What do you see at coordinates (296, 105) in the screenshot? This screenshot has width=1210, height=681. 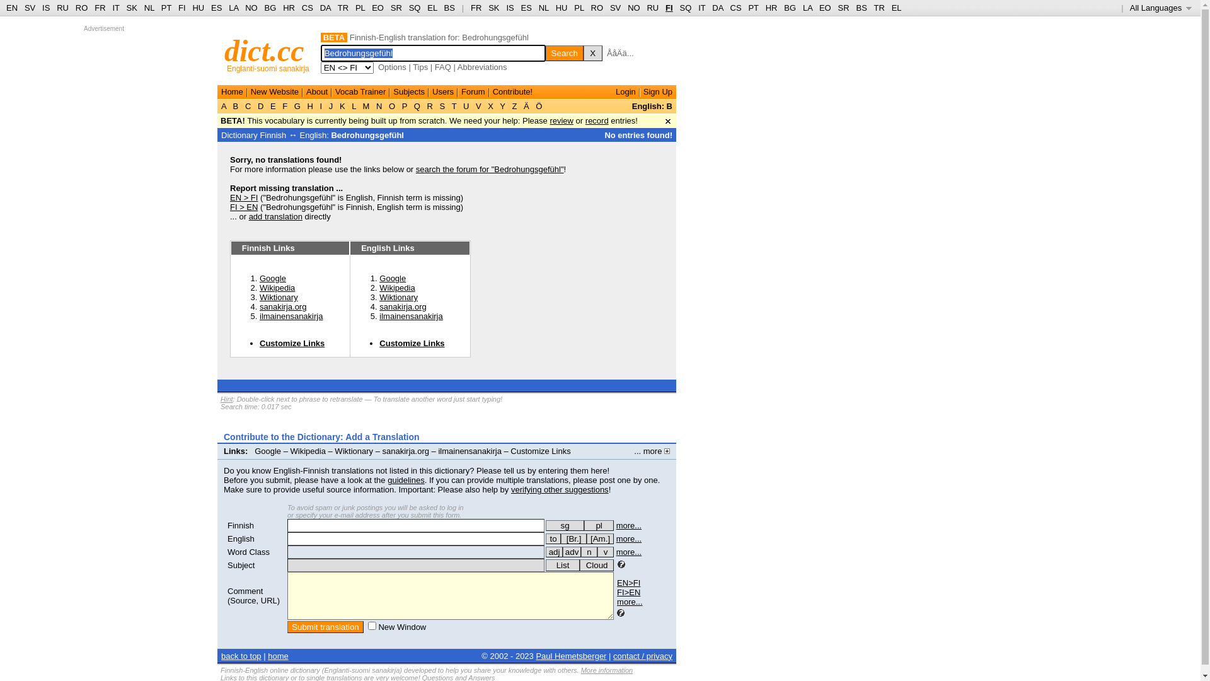 I see `'G'` at bounding box center [296, 105].